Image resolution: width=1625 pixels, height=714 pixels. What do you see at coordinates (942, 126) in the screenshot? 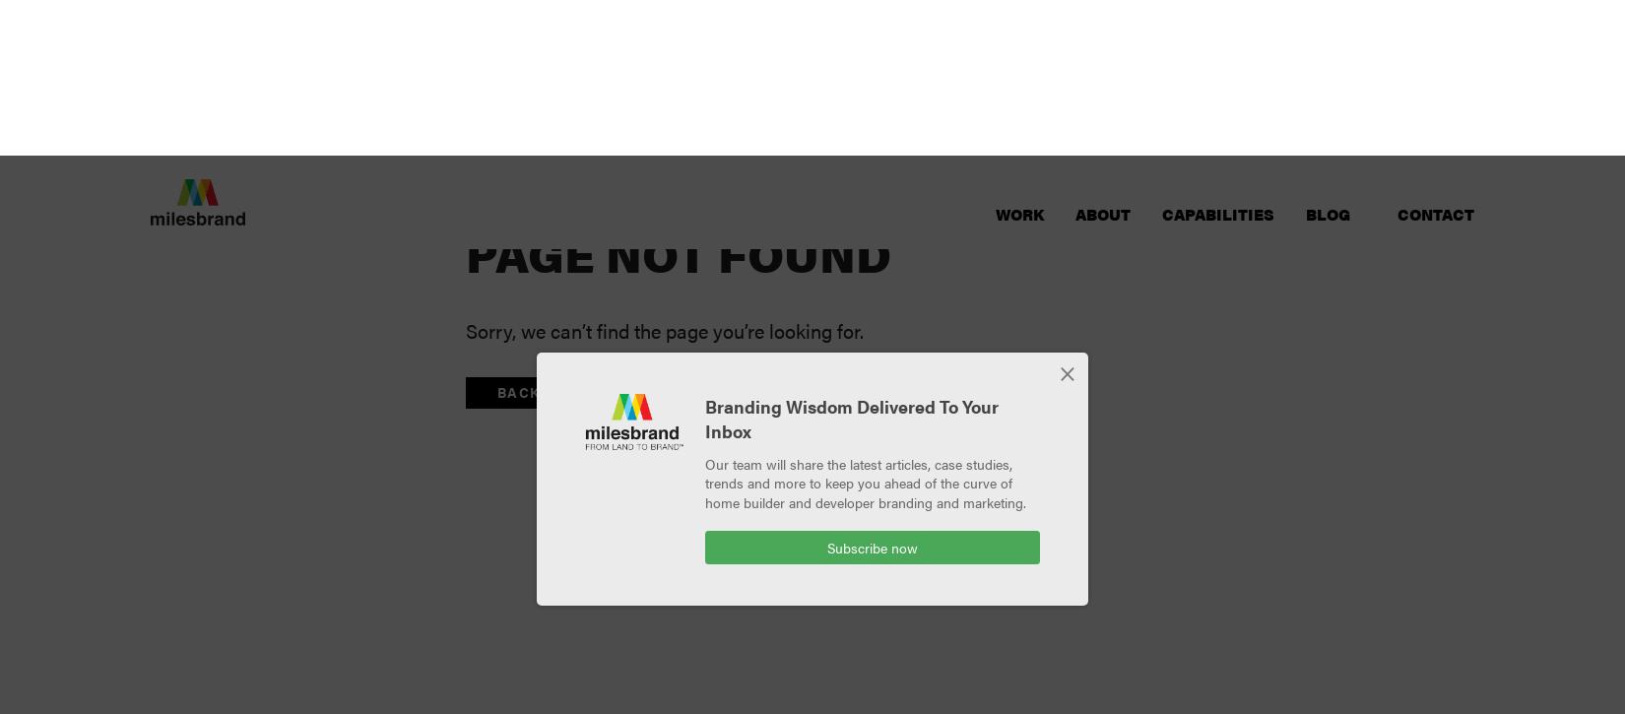
I see `'Corporate'` at bounding box center [942, 126].